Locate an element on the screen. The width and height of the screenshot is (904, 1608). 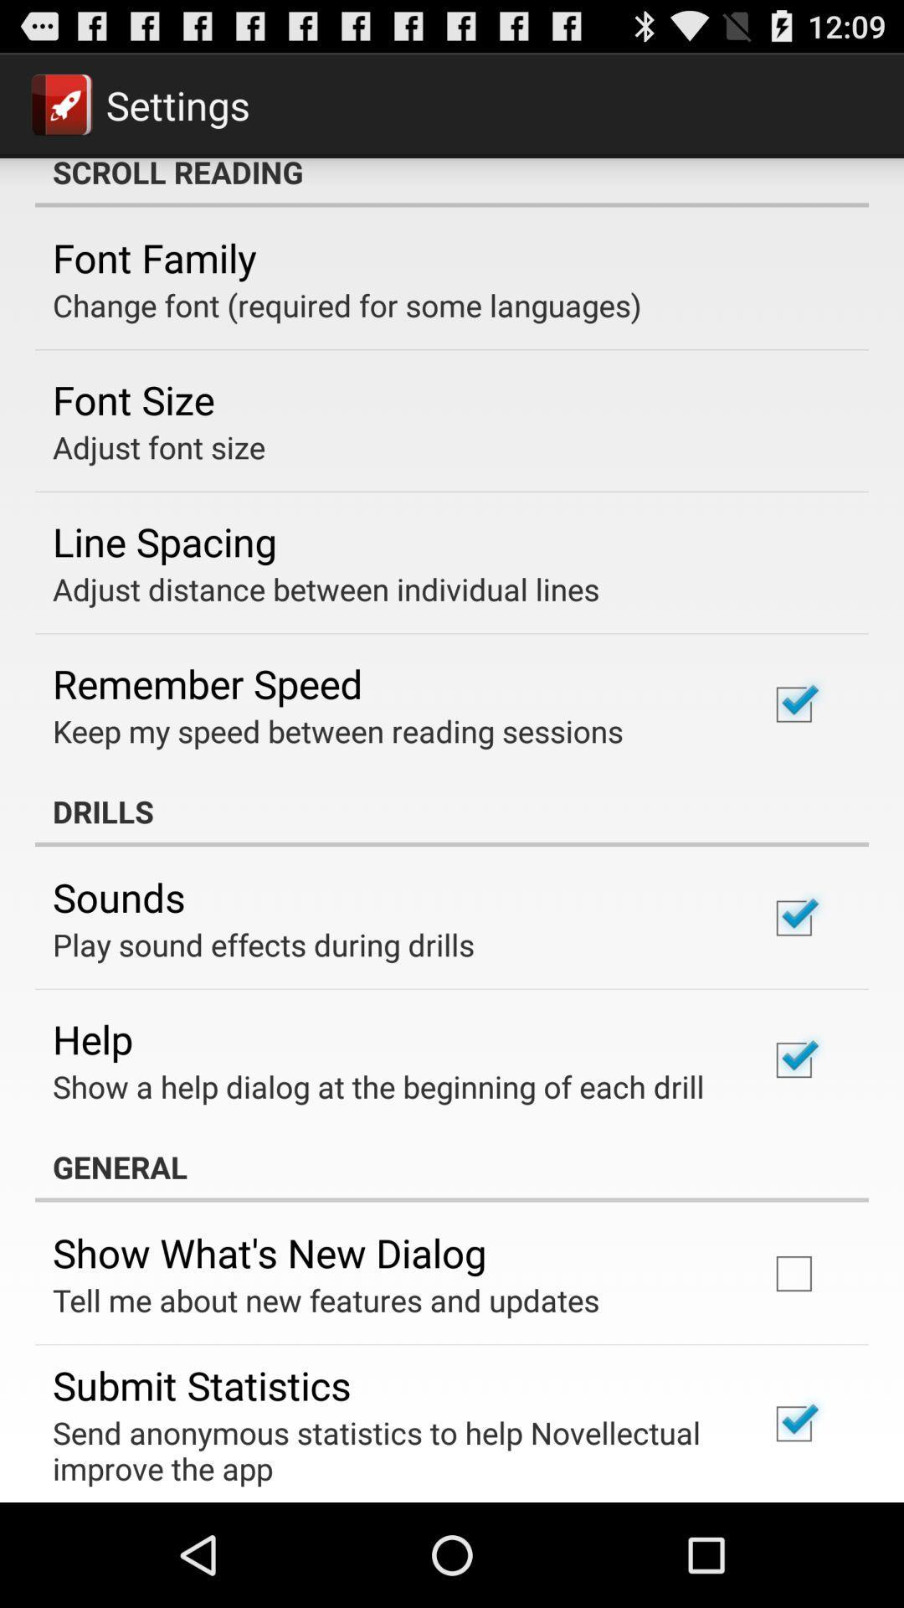
submit statistics is located at coordinates (201, 1385).